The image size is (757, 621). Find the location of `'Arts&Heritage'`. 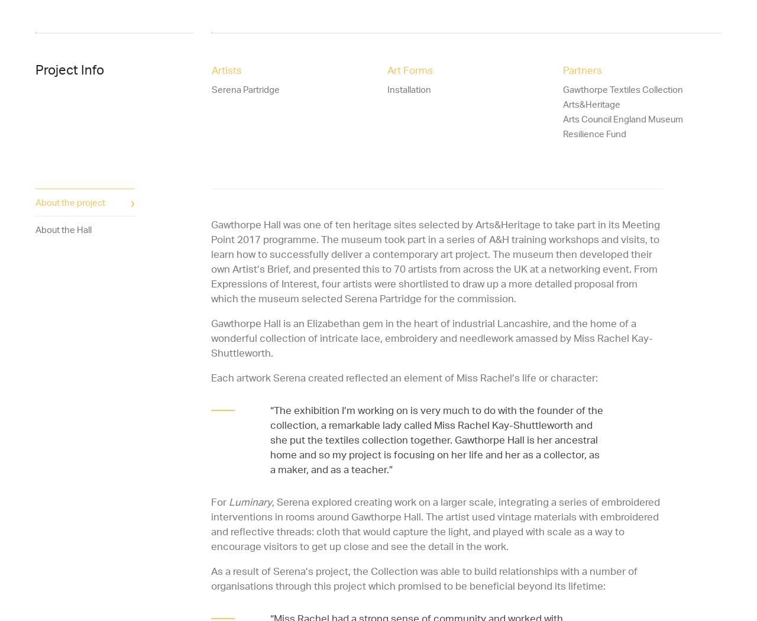

'Arts&Heritage' is located at coordinates (591, 104).